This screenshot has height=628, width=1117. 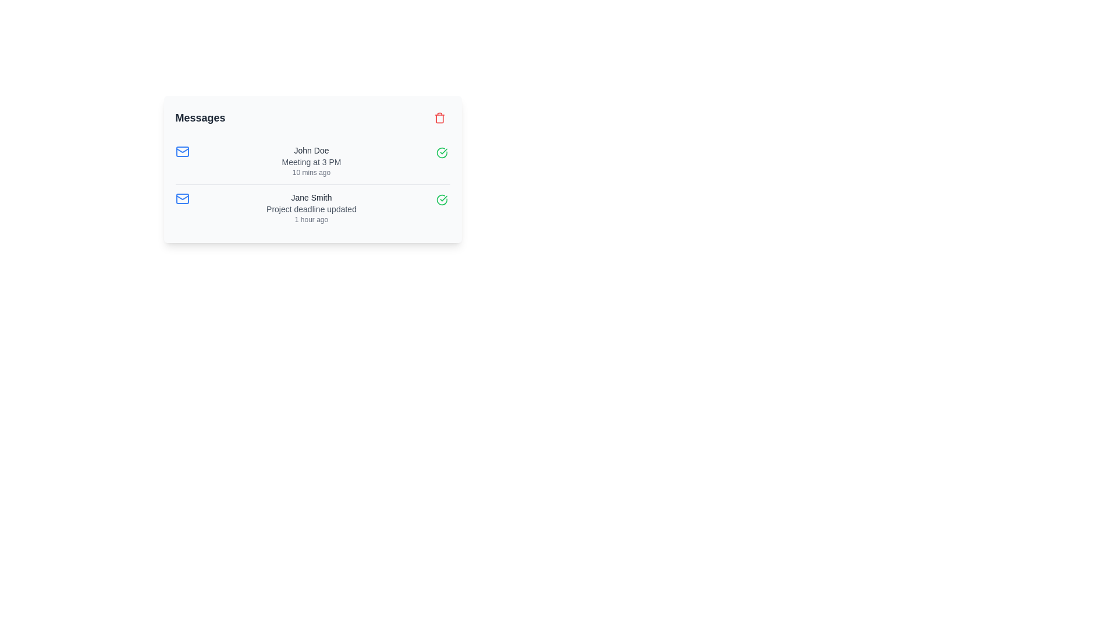 What do you see at coordinates (311, 197) in the screenshot?
I see `static text label that displays the name of the individual associated with the notification, which is located above the texts 'Project deadline updated' and '1 hour ago'` at bounding box center [311, 197].